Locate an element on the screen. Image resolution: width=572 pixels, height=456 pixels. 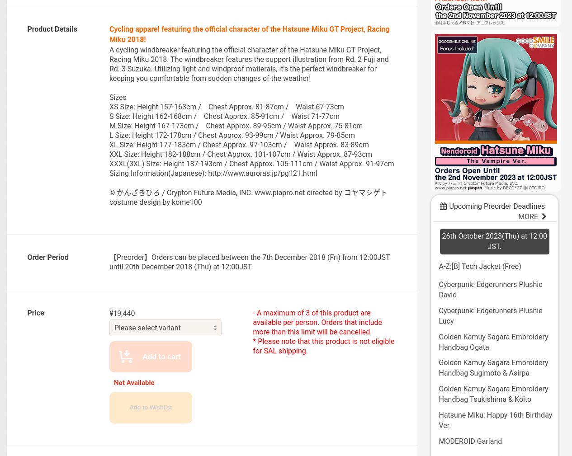
'Golden Kamuy Sagara Embroidery Handbag Tsukishima & Koito' is located at coordinates (493, 394).